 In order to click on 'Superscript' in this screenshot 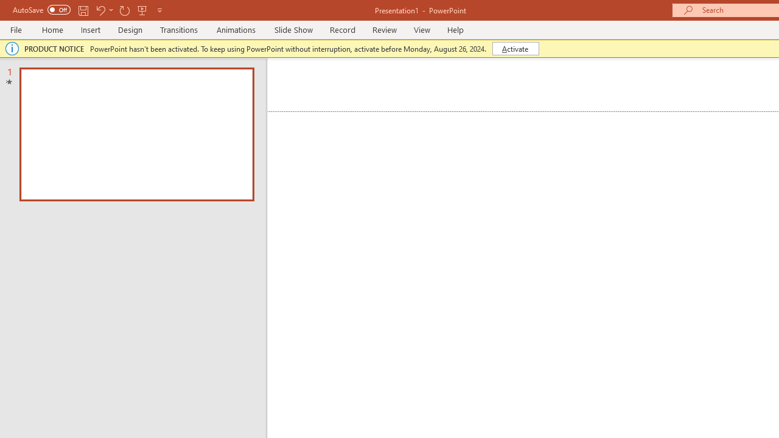, I will do `click(237, 110)`.